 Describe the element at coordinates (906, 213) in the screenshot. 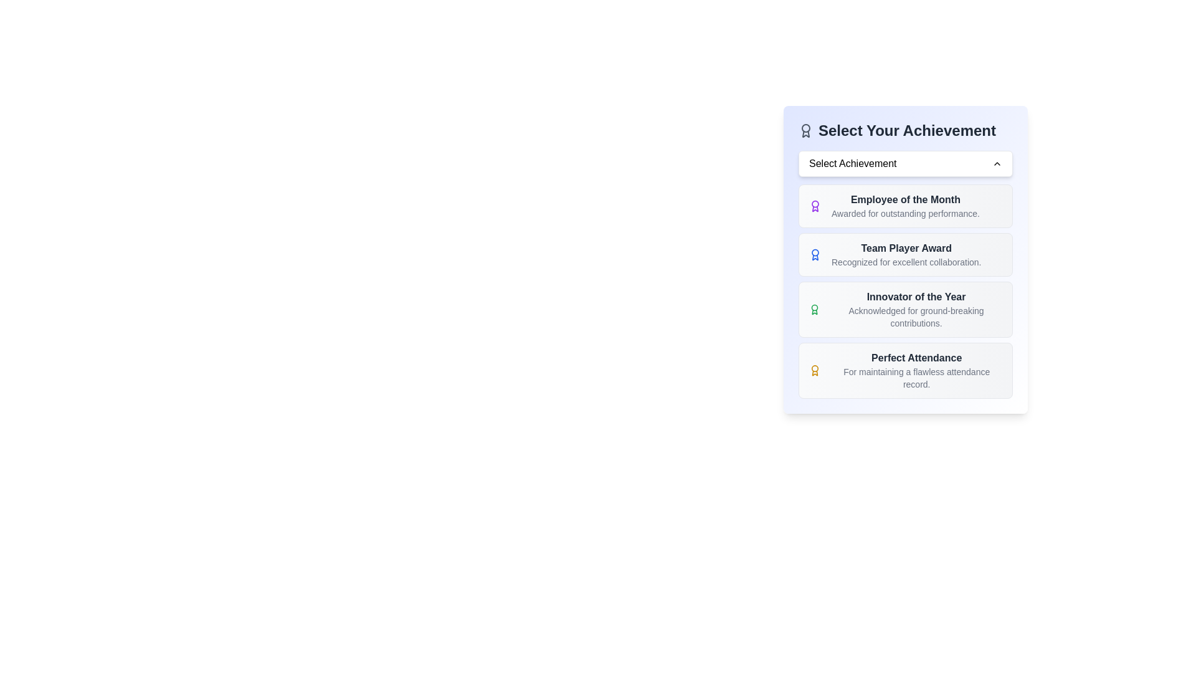

I see `the descriptive text label that provides context about the 'Employee of the Month' title to trigger tooltips` at that location.